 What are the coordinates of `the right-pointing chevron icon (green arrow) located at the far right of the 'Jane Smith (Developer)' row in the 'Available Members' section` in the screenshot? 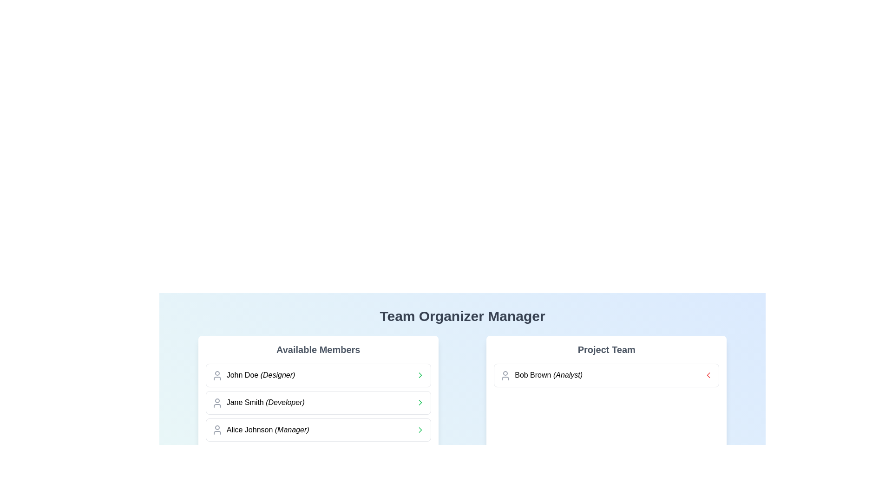 It's located at (420, 430).